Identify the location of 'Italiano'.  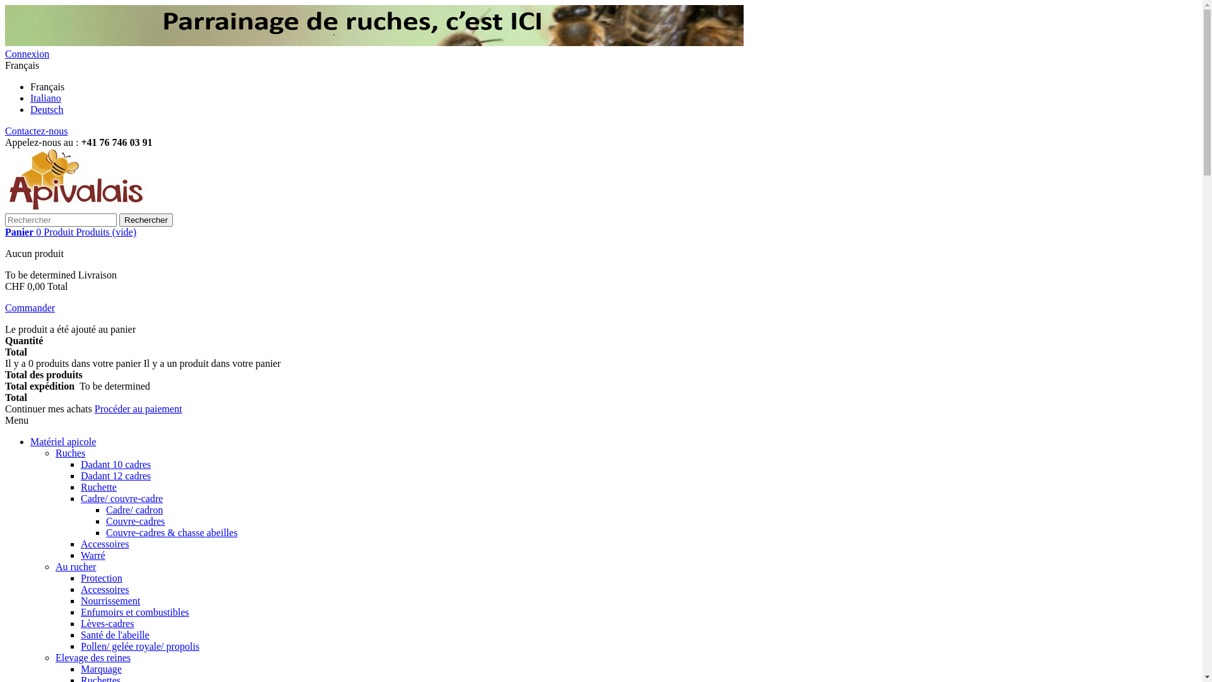
(30, 97).